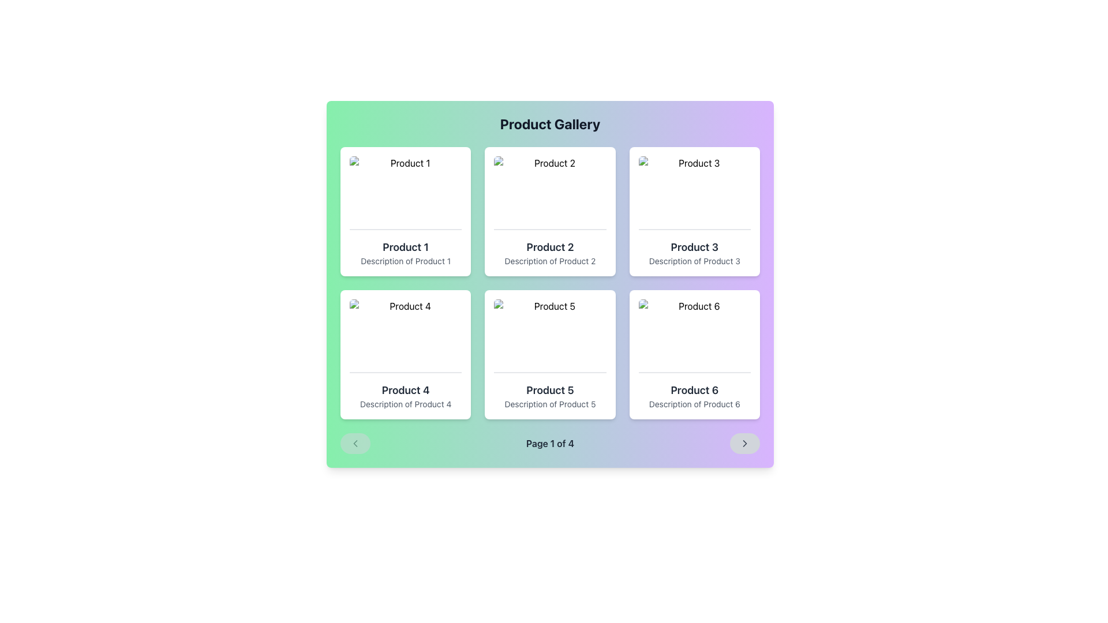  What do you see at coordinates (745, 442) in the screenshot?
I see `the chevron icon located at the bottom-right corner of the gray circular button` at bounding box center [745, 442].